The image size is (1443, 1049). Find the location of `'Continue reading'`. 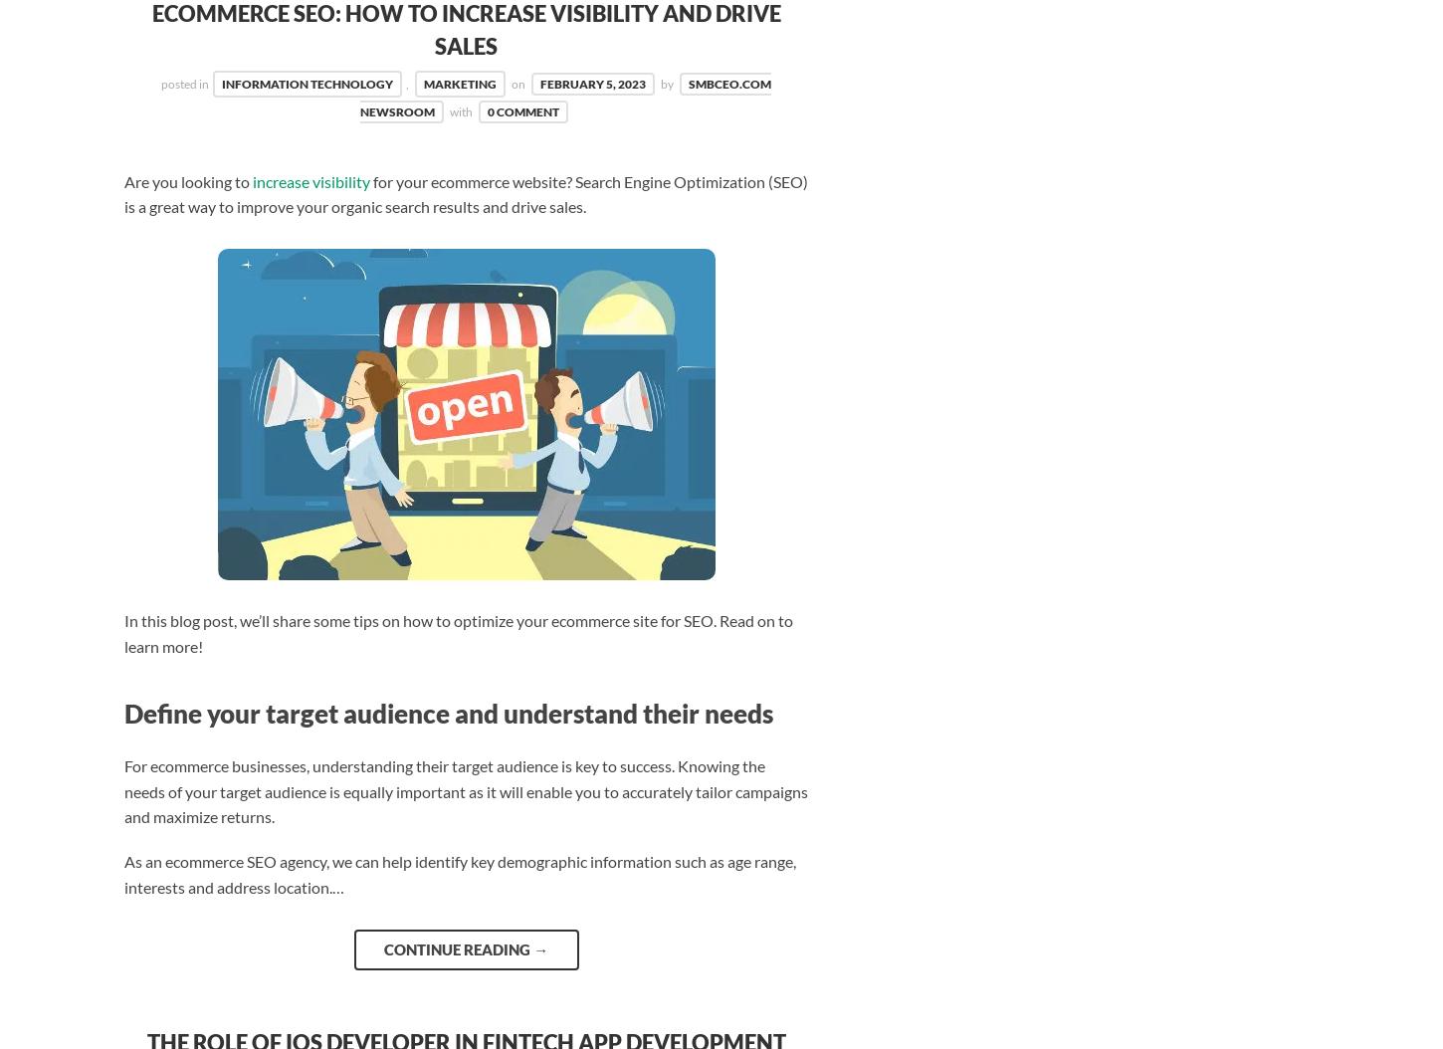

'Continue reading' is located at coordinates (382, 948).